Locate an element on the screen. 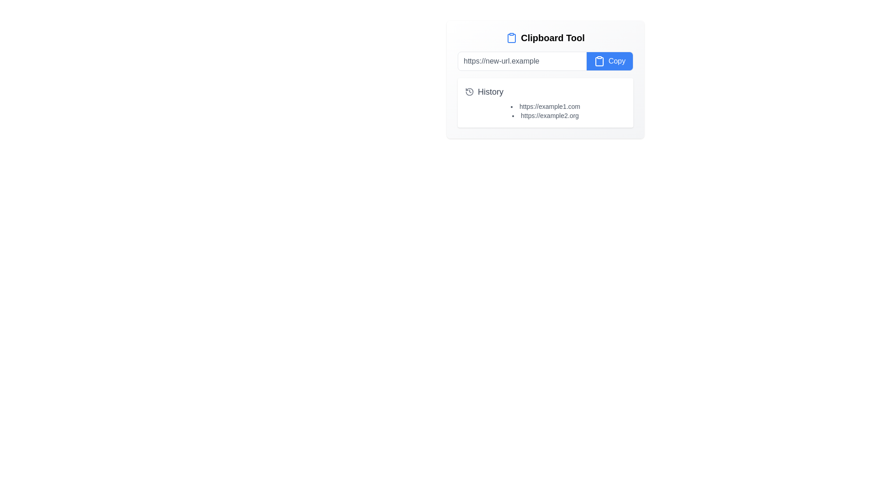 The height and width of the screenshot is (494, 878). the clipboard icon located to the left of the 'Clipboard Tool' text in the header section of the interface is located at coordinates (511, 38).